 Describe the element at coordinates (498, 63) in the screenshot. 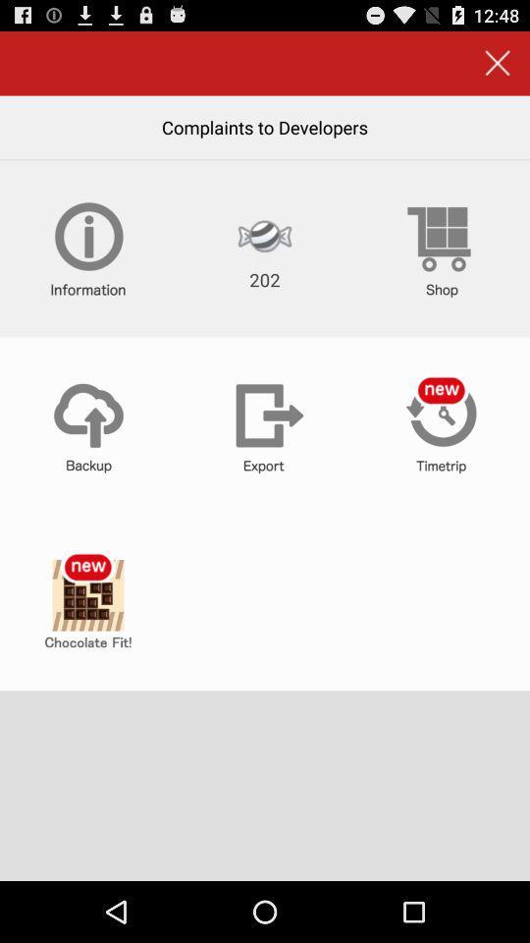

I see `the button above the complaints to developers` at that location.